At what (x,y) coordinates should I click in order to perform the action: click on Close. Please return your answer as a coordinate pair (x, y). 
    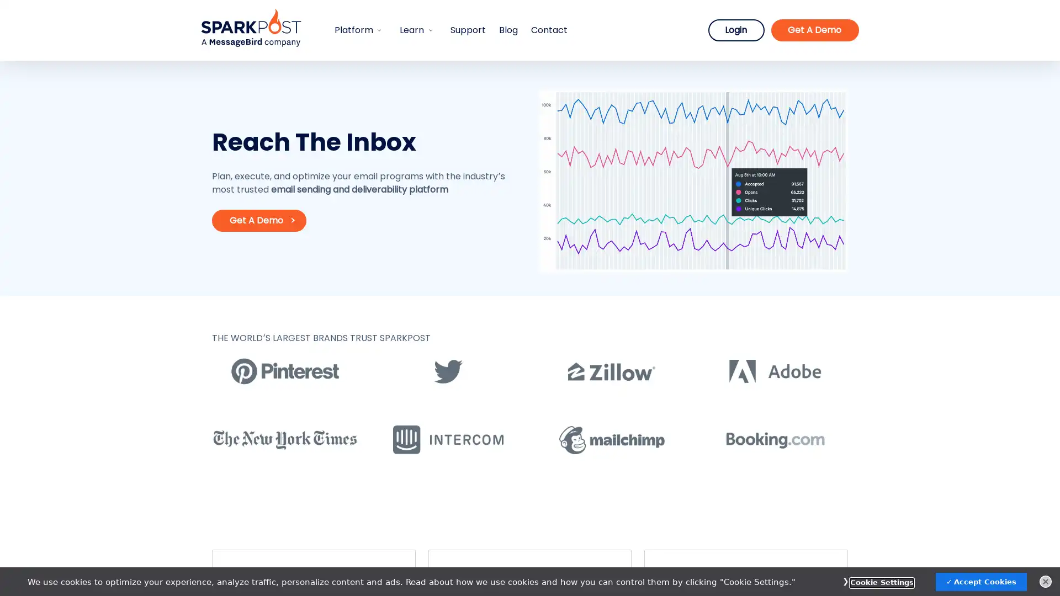
    Looking at the image, I should click on (1045, 581).